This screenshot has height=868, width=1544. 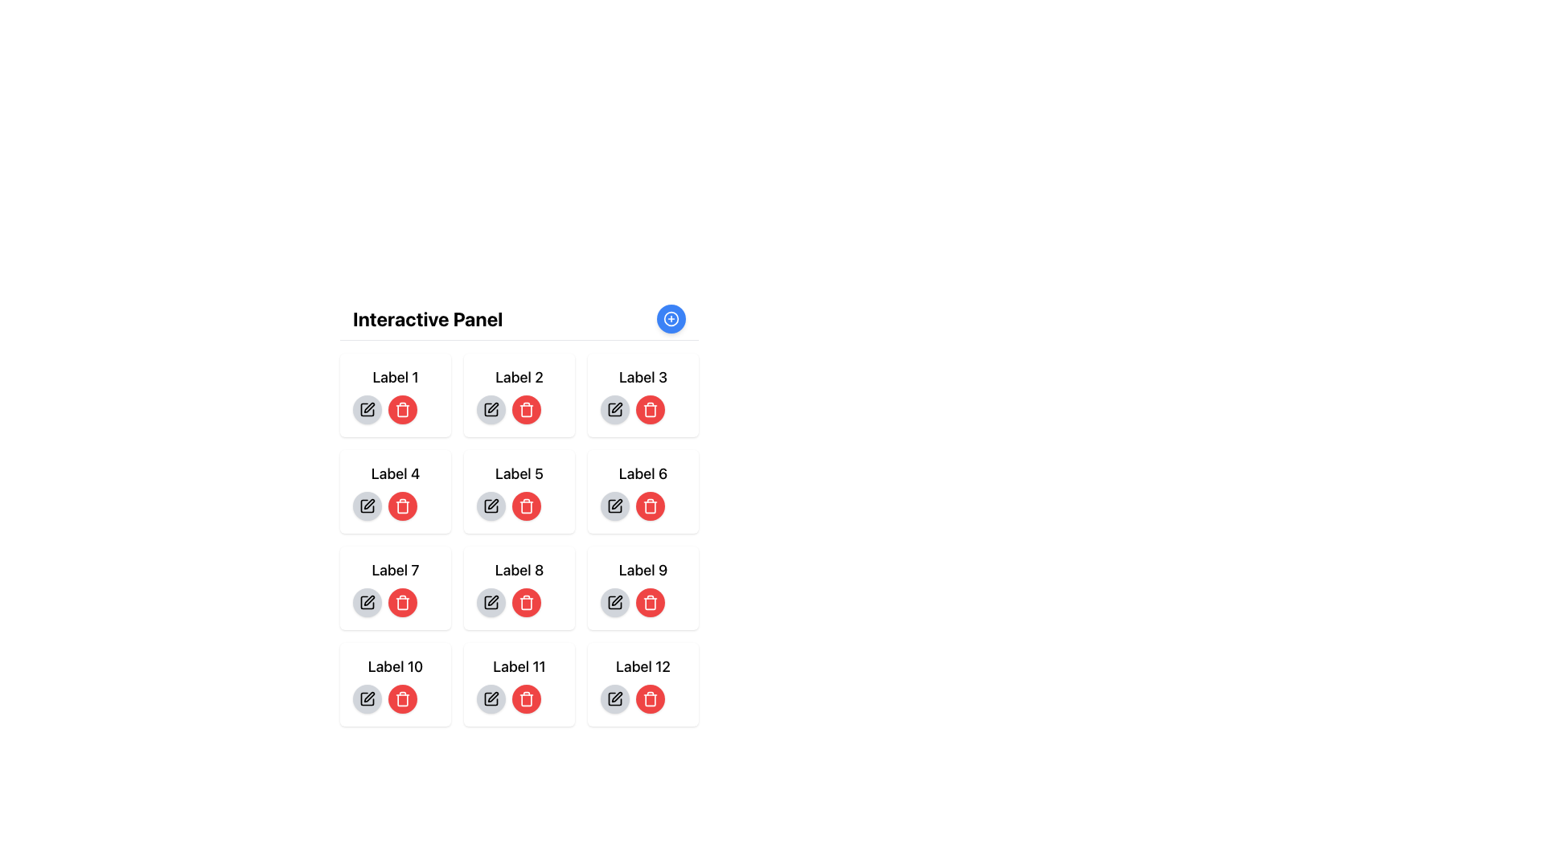 What do you see at coordinates (402, 602) in the screenshot?
I see `the circular red button with a white trash bin icon in the Interactive Panel` at bounding box center [402, 602].